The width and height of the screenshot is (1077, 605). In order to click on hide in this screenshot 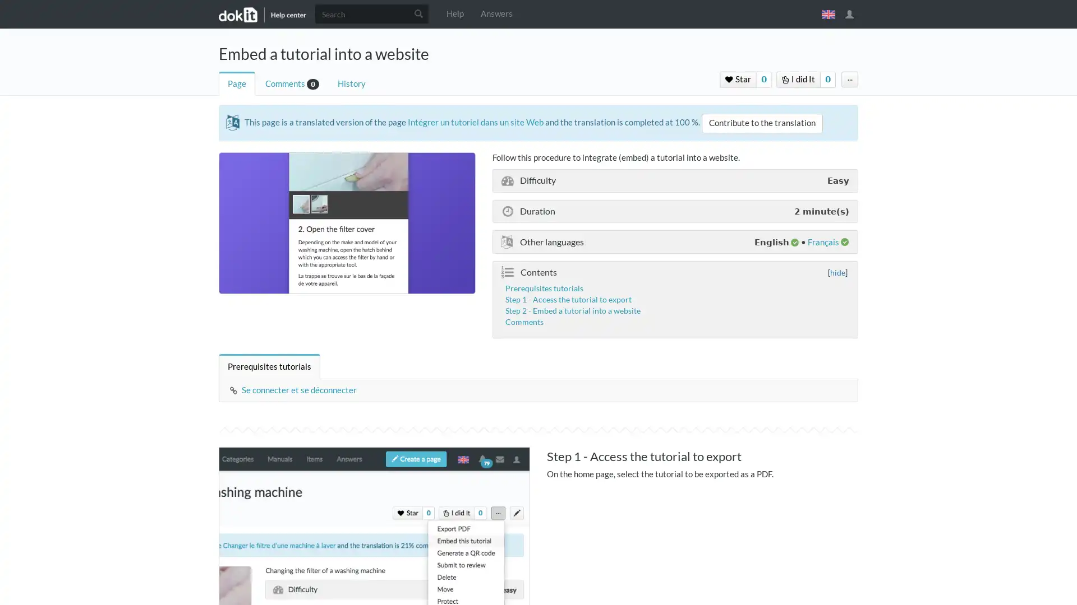, I will do `click(837, 272)`.